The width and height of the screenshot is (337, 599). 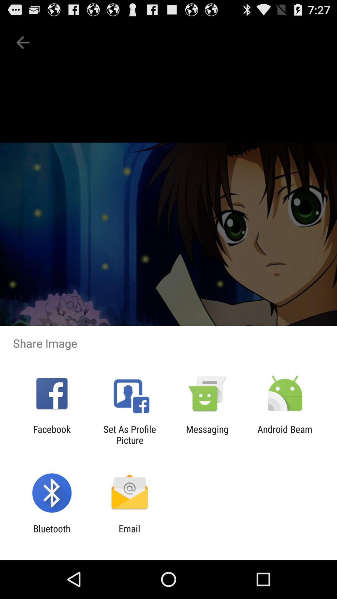 I want to click on the item next to set as profile app, so click(x=51, y=434).